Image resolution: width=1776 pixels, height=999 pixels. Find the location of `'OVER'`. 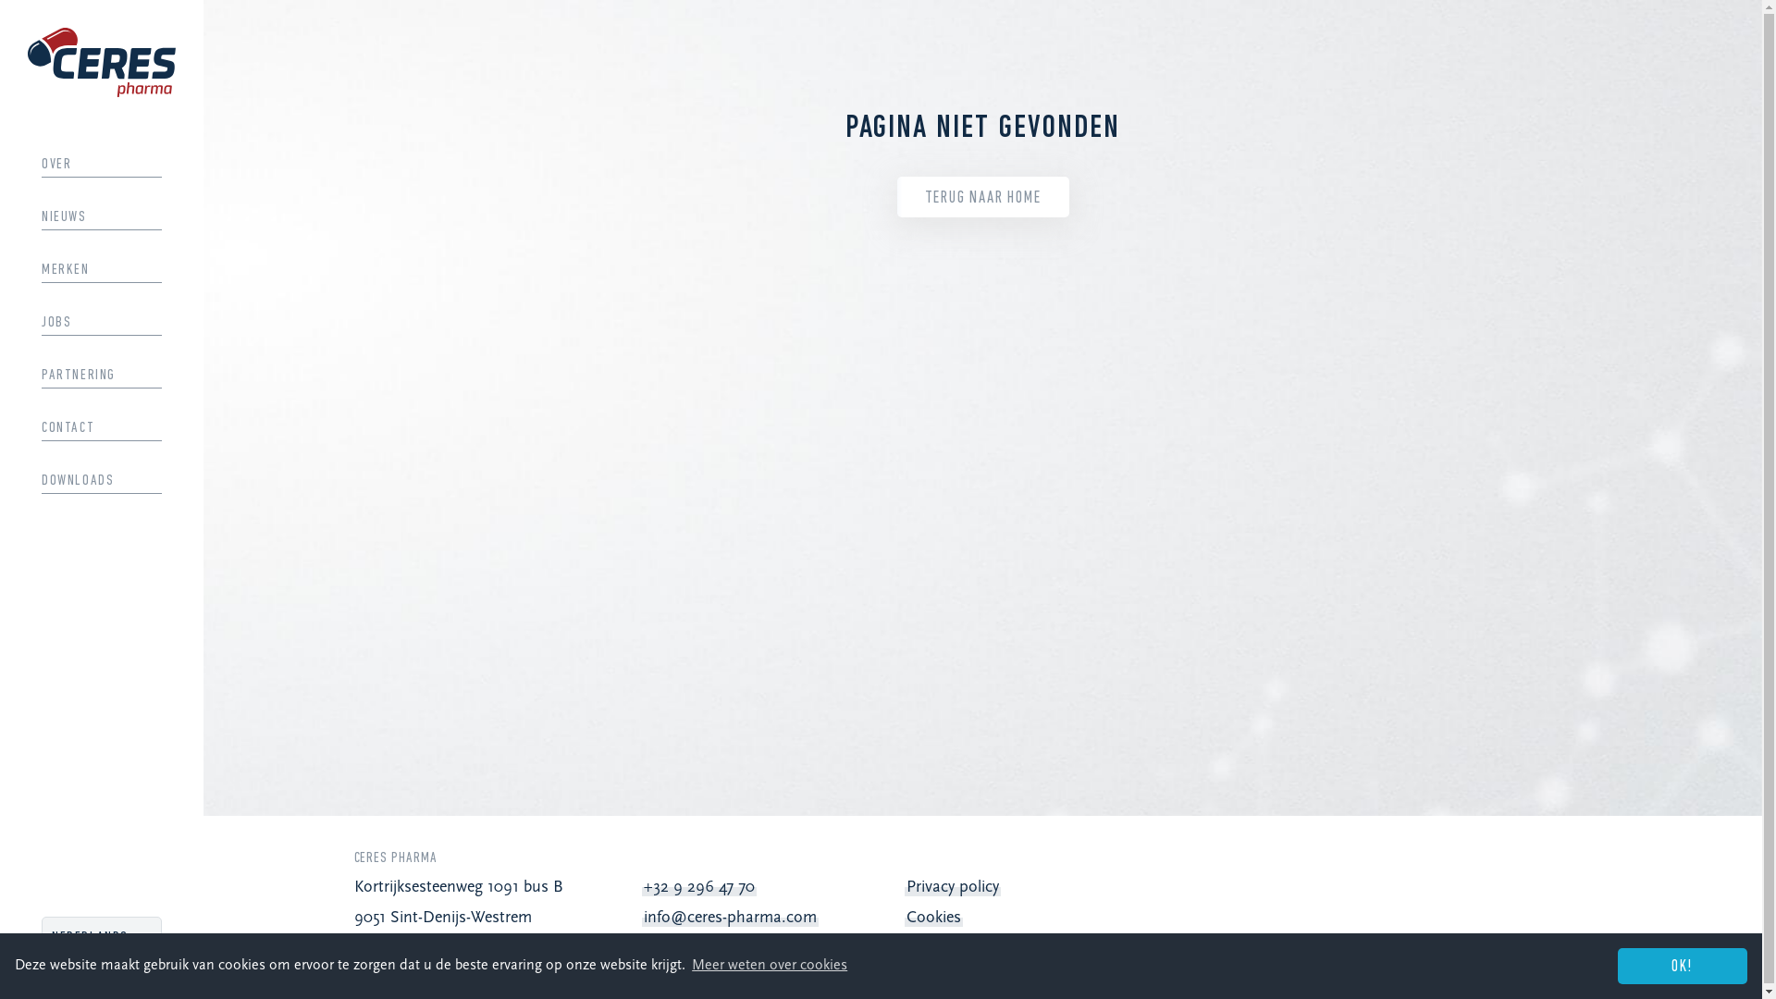

'OVER' is located at coordinates (101, 163).